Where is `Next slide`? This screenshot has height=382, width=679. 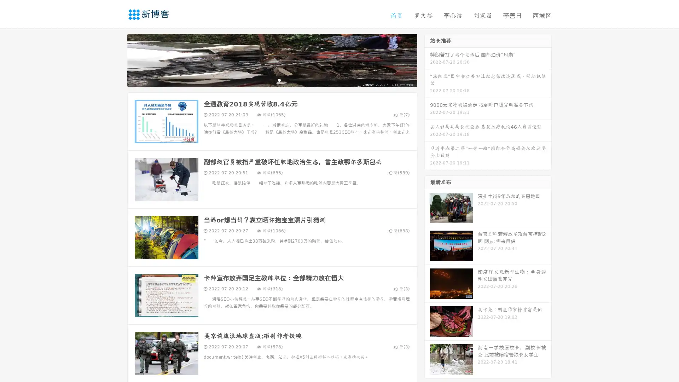
Next slide is located at coordinates (427, 59).